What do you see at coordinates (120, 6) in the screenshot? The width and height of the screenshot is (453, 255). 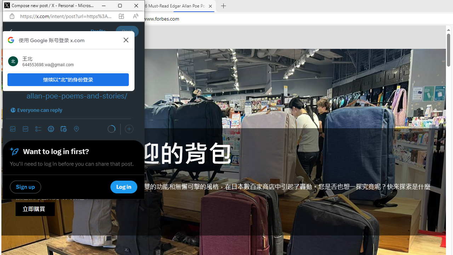 I see `'Maximize'` at bounding box center [120, 6].